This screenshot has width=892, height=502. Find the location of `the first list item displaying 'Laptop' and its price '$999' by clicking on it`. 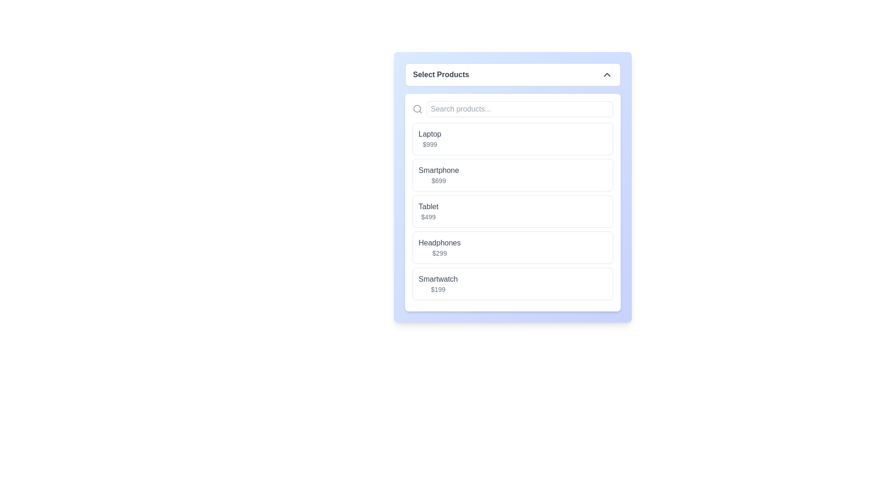

the first list item displaying 'Laptop' and its price '$999' by clicking on it is located at coordinates (429, 139).